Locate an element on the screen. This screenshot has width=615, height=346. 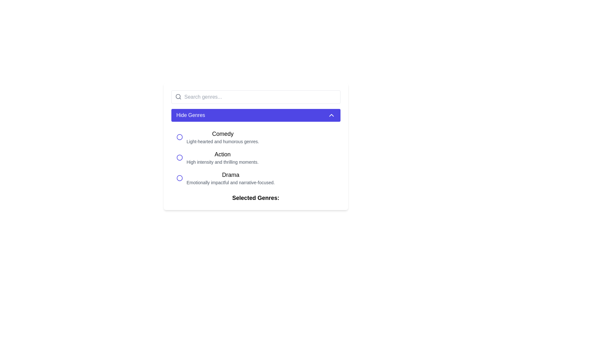
the collapse icon located at the far right of the purple 'Hide Genres' button to indicate the option to collapse the section is located at coordinates (331, 115).